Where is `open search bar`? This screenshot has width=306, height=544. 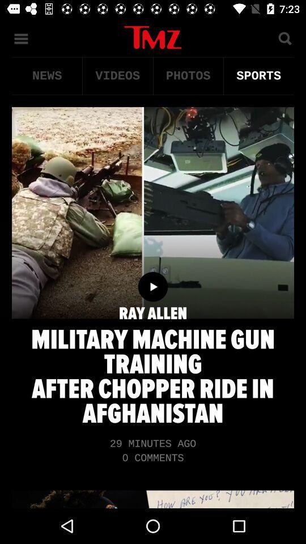 open search bar is located at coordinates (284, 37).